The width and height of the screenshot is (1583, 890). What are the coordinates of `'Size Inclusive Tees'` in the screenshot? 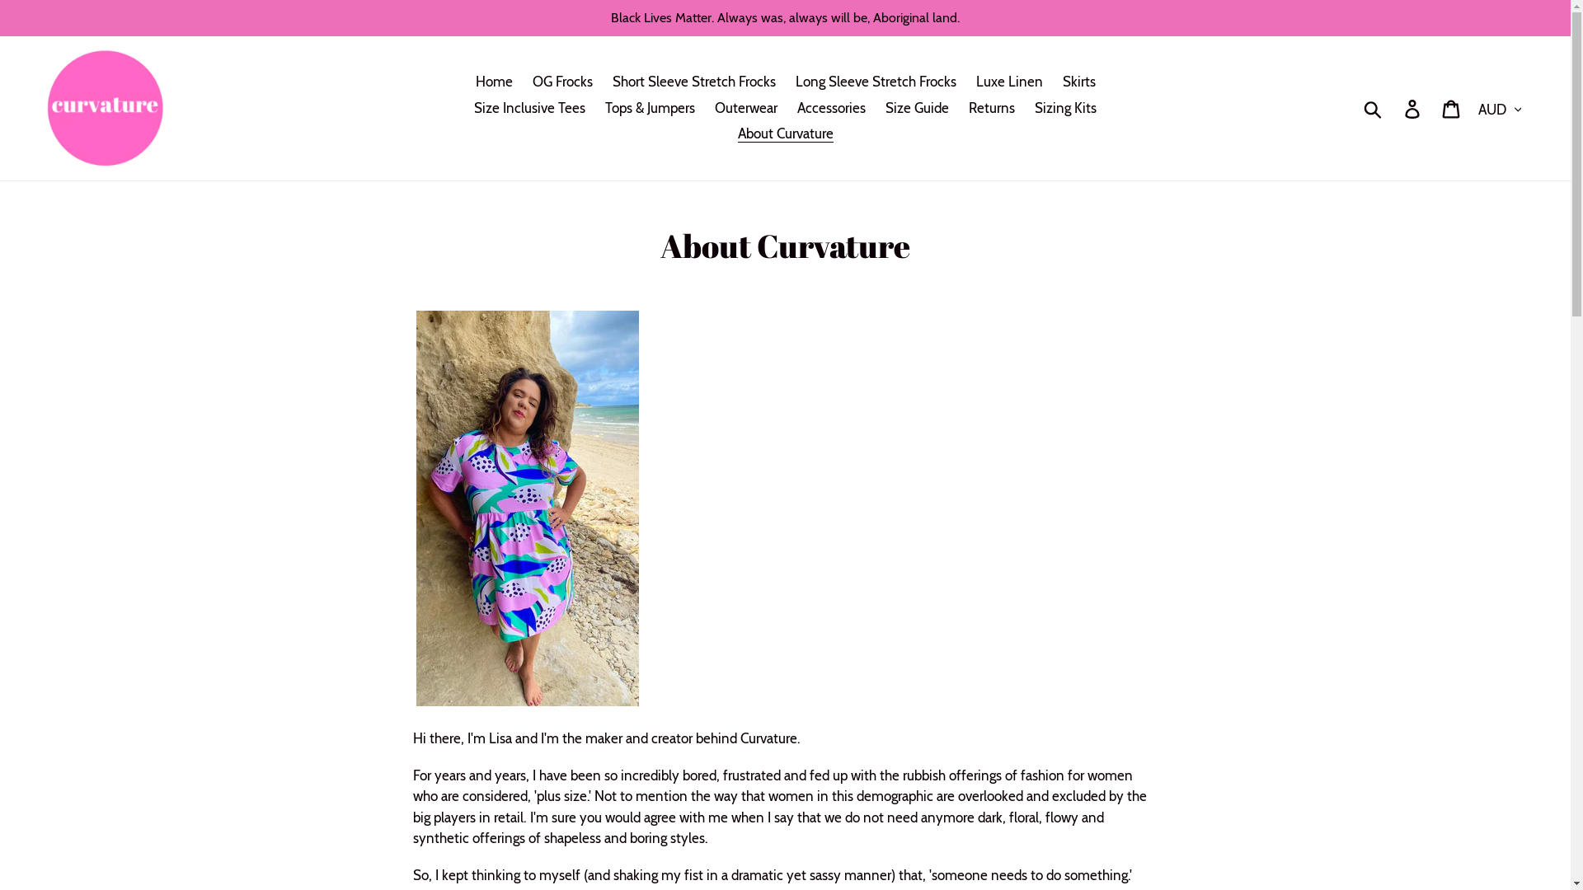 It's located at (529, 108).